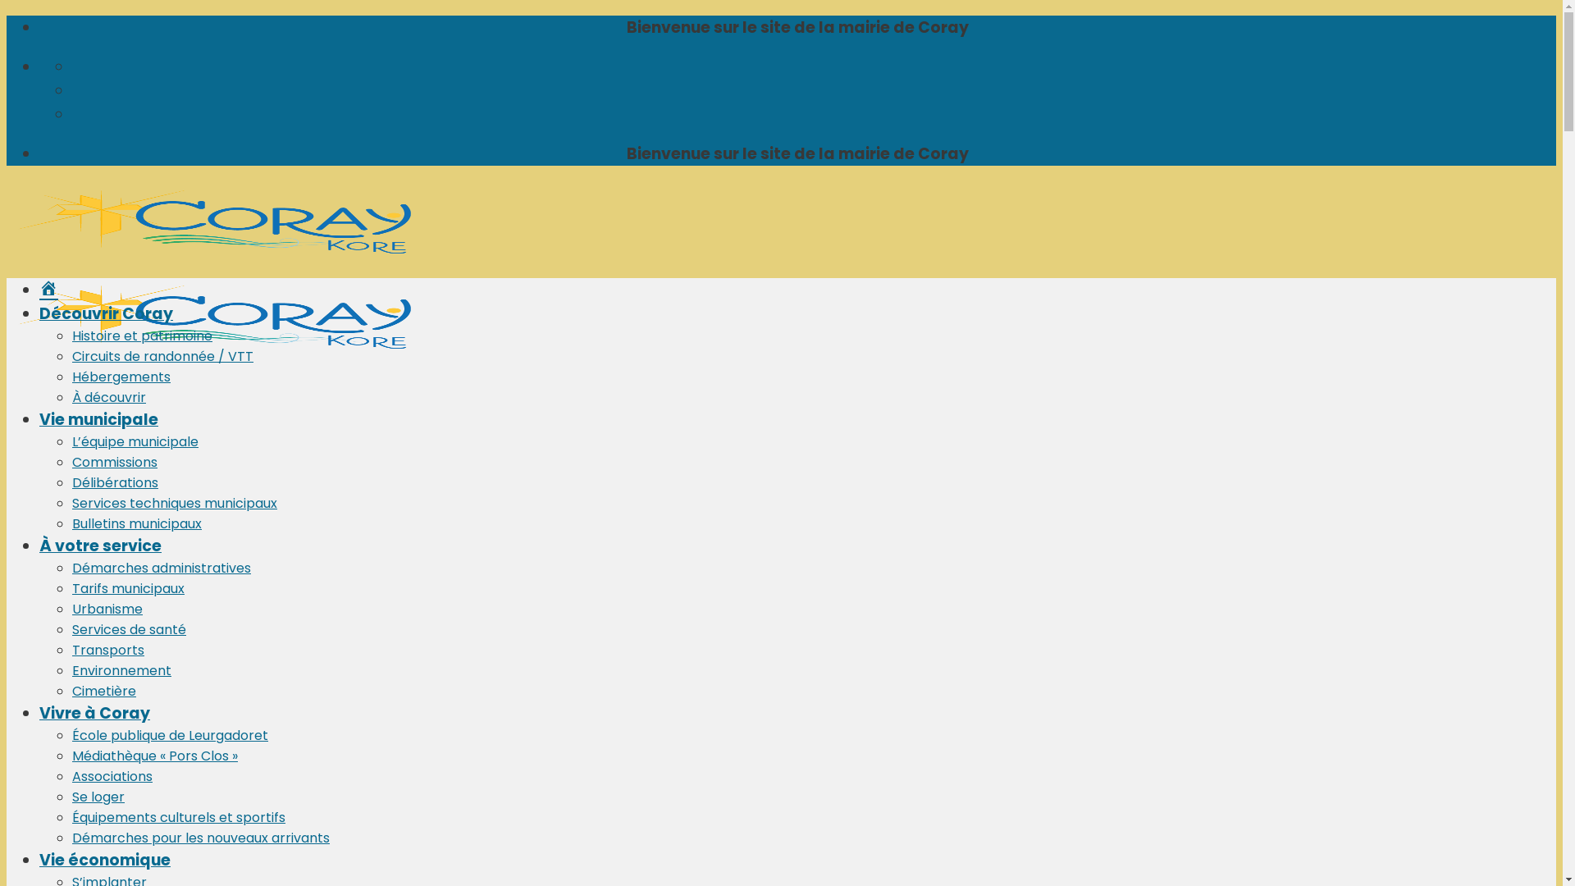 This screenshot has height=886, width=1575. What do you see at coordinates (106, 609) in the screenshot?
I see `'Urbanisme'` at bounding box center [106, 609].